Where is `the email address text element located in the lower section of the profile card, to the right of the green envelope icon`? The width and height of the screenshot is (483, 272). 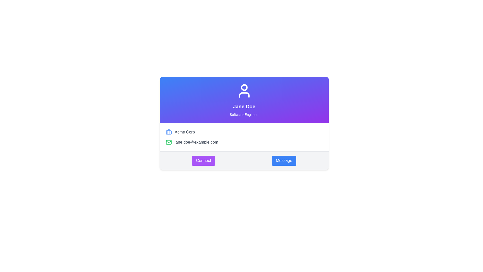 the email address text element located in the lower section of the profile card, to the right of the green envelope icon is located at coordinates (196, 142).